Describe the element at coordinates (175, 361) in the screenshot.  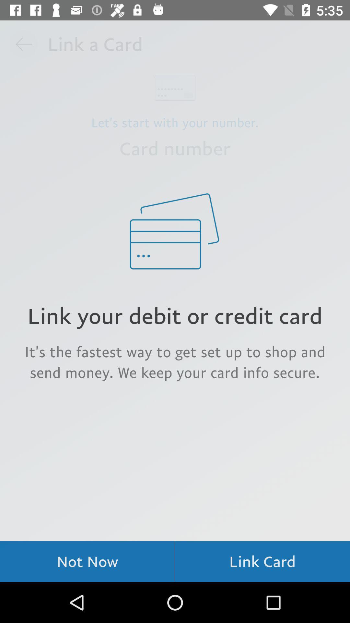
I see `item above the not now icon` at that location.